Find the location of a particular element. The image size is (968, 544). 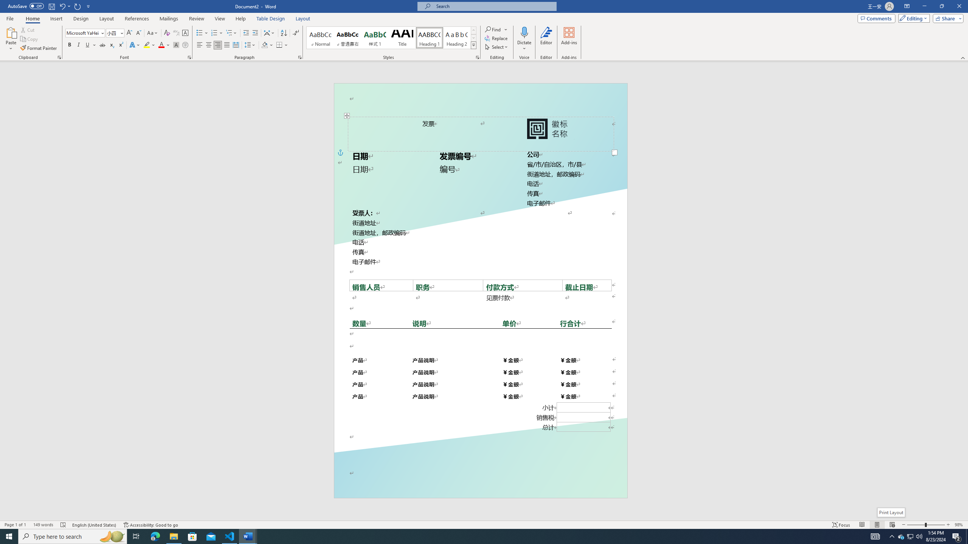

'Accessibility Checker Accessibility: Good to go' is located at coordinates (151, 525).